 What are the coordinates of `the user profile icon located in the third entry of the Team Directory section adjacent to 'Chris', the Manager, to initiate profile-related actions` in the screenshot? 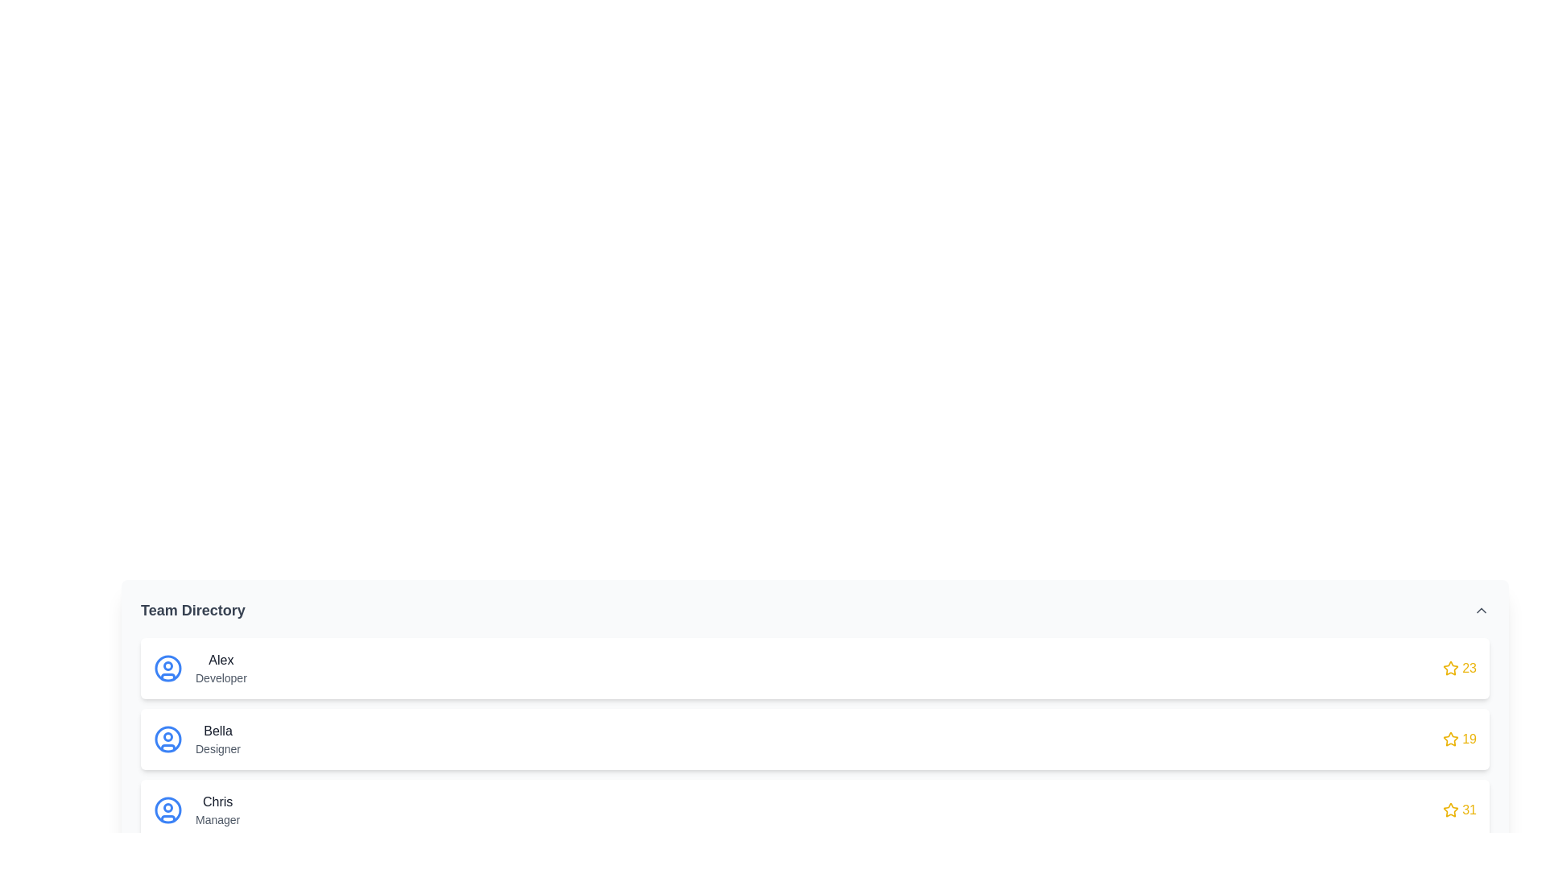 It's located at (168, 810).